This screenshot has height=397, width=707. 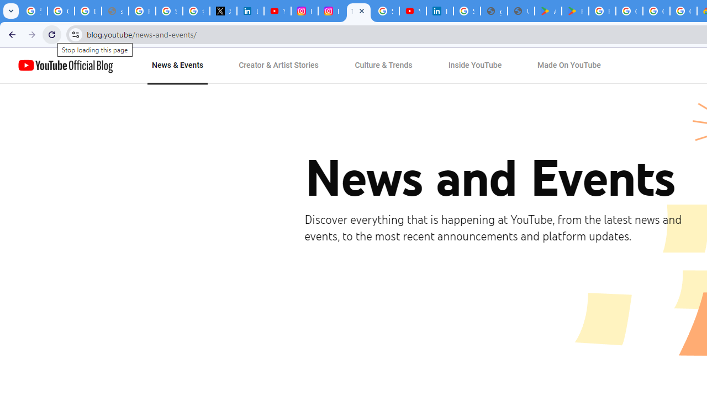 I want to click on 'LinkedIn Privacy Policy', so click(x=250, y=11).